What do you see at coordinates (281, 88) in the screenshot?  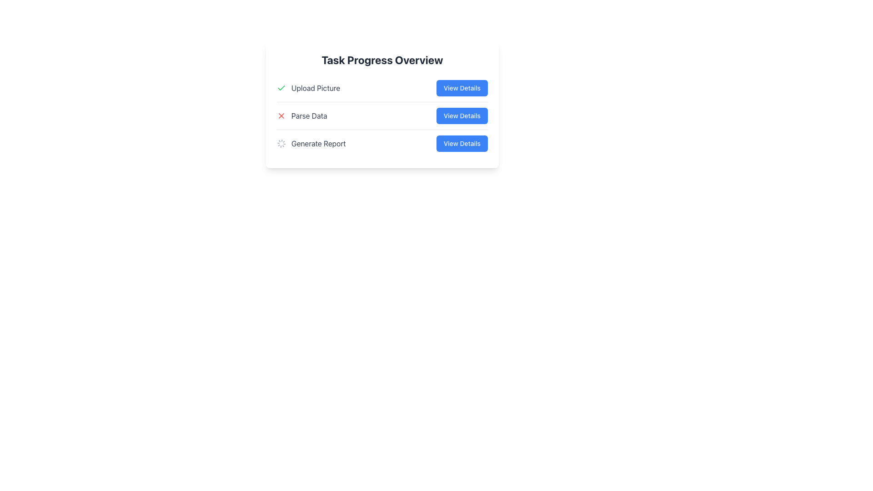 I see `the green checkmark icon indicating a completed status in the 'Task Progress Overview' section, located next to the 'Upload Picture' text` at bounding box center [281, 88].